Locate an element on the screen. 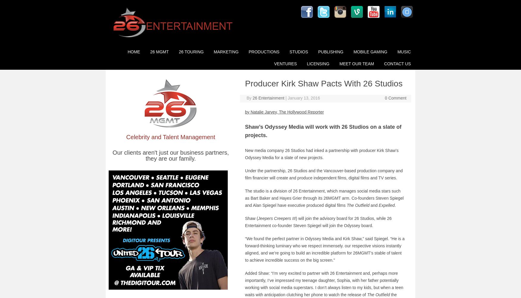 Image resolution: width=521 pixels, height=298 pixels. 'Ventures' is located at coordinates (285, 63).